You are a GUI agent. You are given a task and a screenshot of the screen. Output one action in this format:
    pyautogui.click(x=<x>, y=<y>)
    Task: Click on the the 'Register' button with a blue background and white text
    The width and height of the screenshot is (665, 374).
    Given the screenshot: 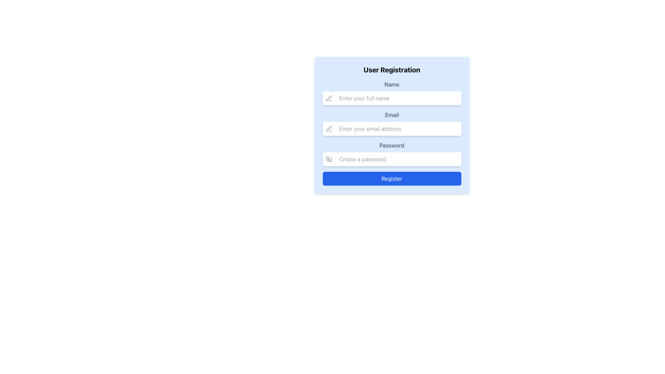 What is the action you would take?
    pyautogui.click(x=392, y=178)
    